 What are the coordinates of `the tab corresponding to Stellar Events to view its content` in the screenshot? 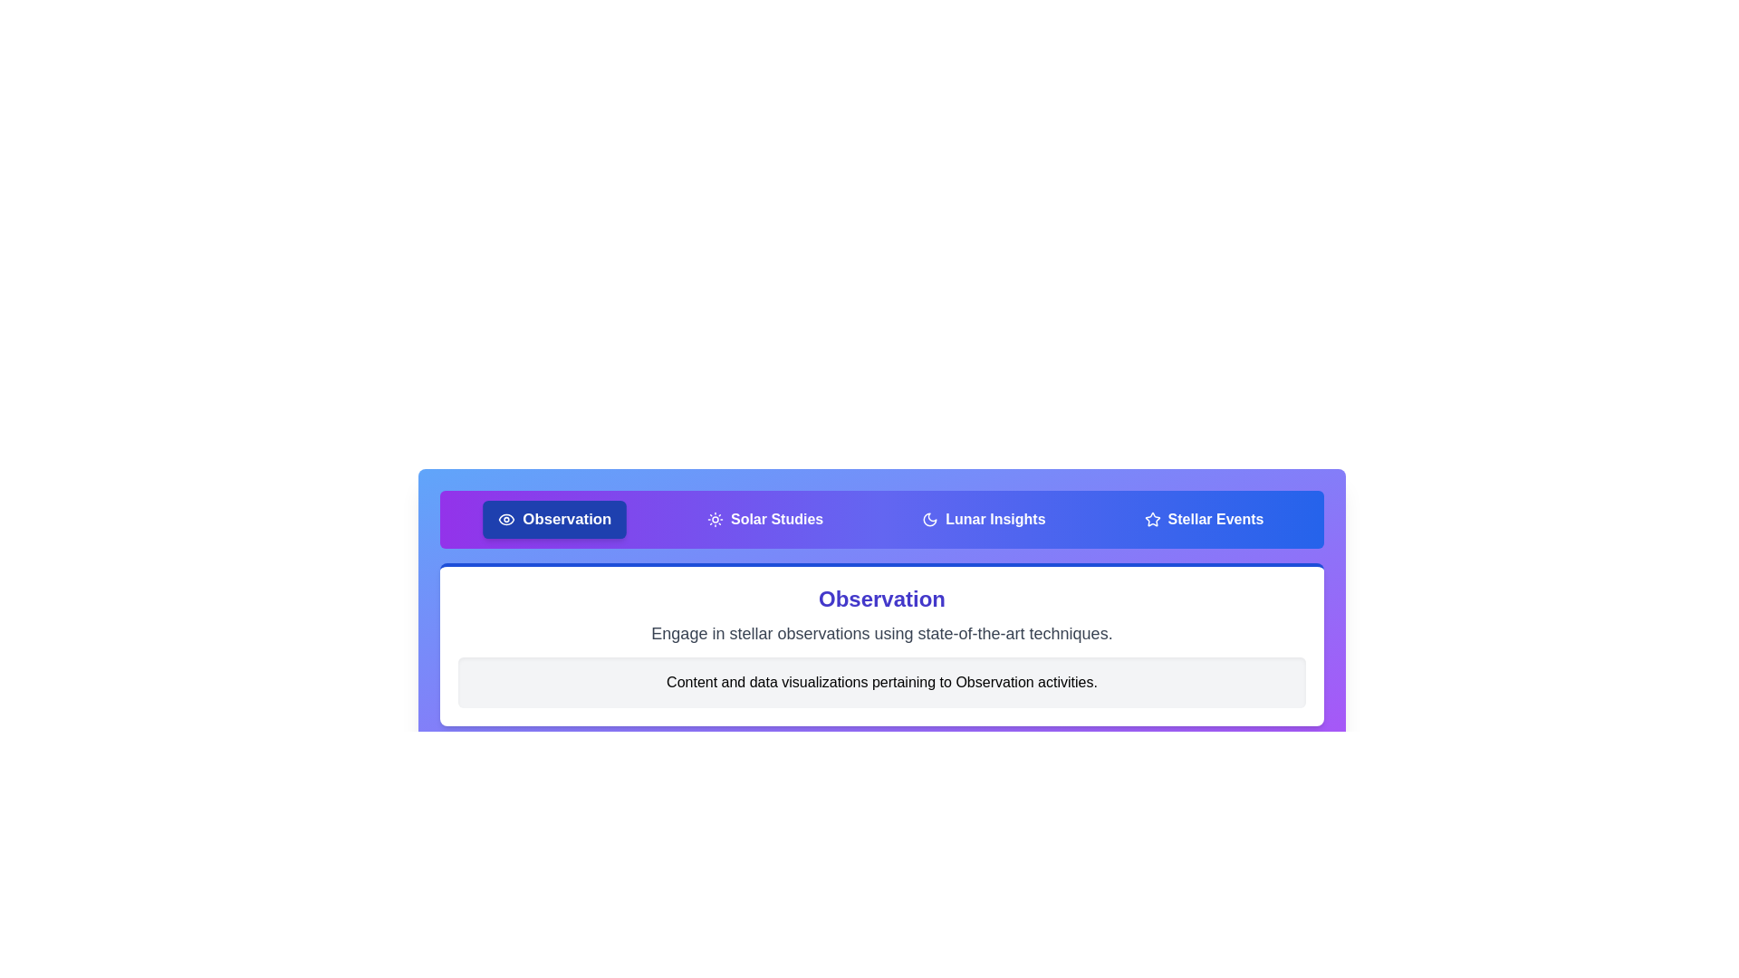 It's located at (1204, 520).